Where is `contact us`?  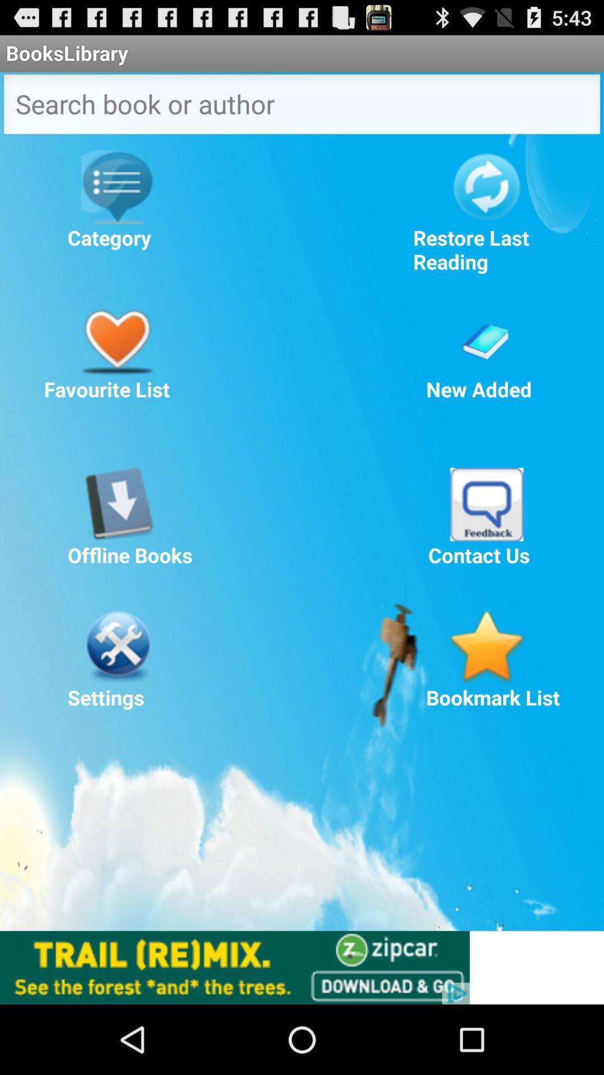
contact us is located at coordinates (486, 504).